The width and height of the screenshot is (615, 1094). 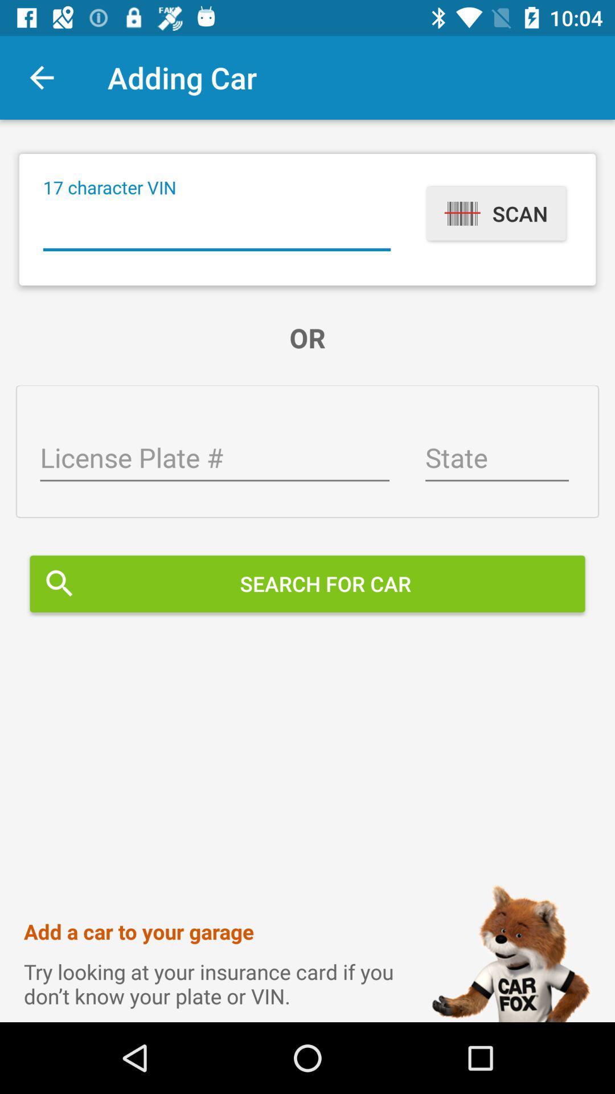 What do you see at coordinates (217, 227) in the screenshot?
I see `vin scan` at bounding box center [217, 227].